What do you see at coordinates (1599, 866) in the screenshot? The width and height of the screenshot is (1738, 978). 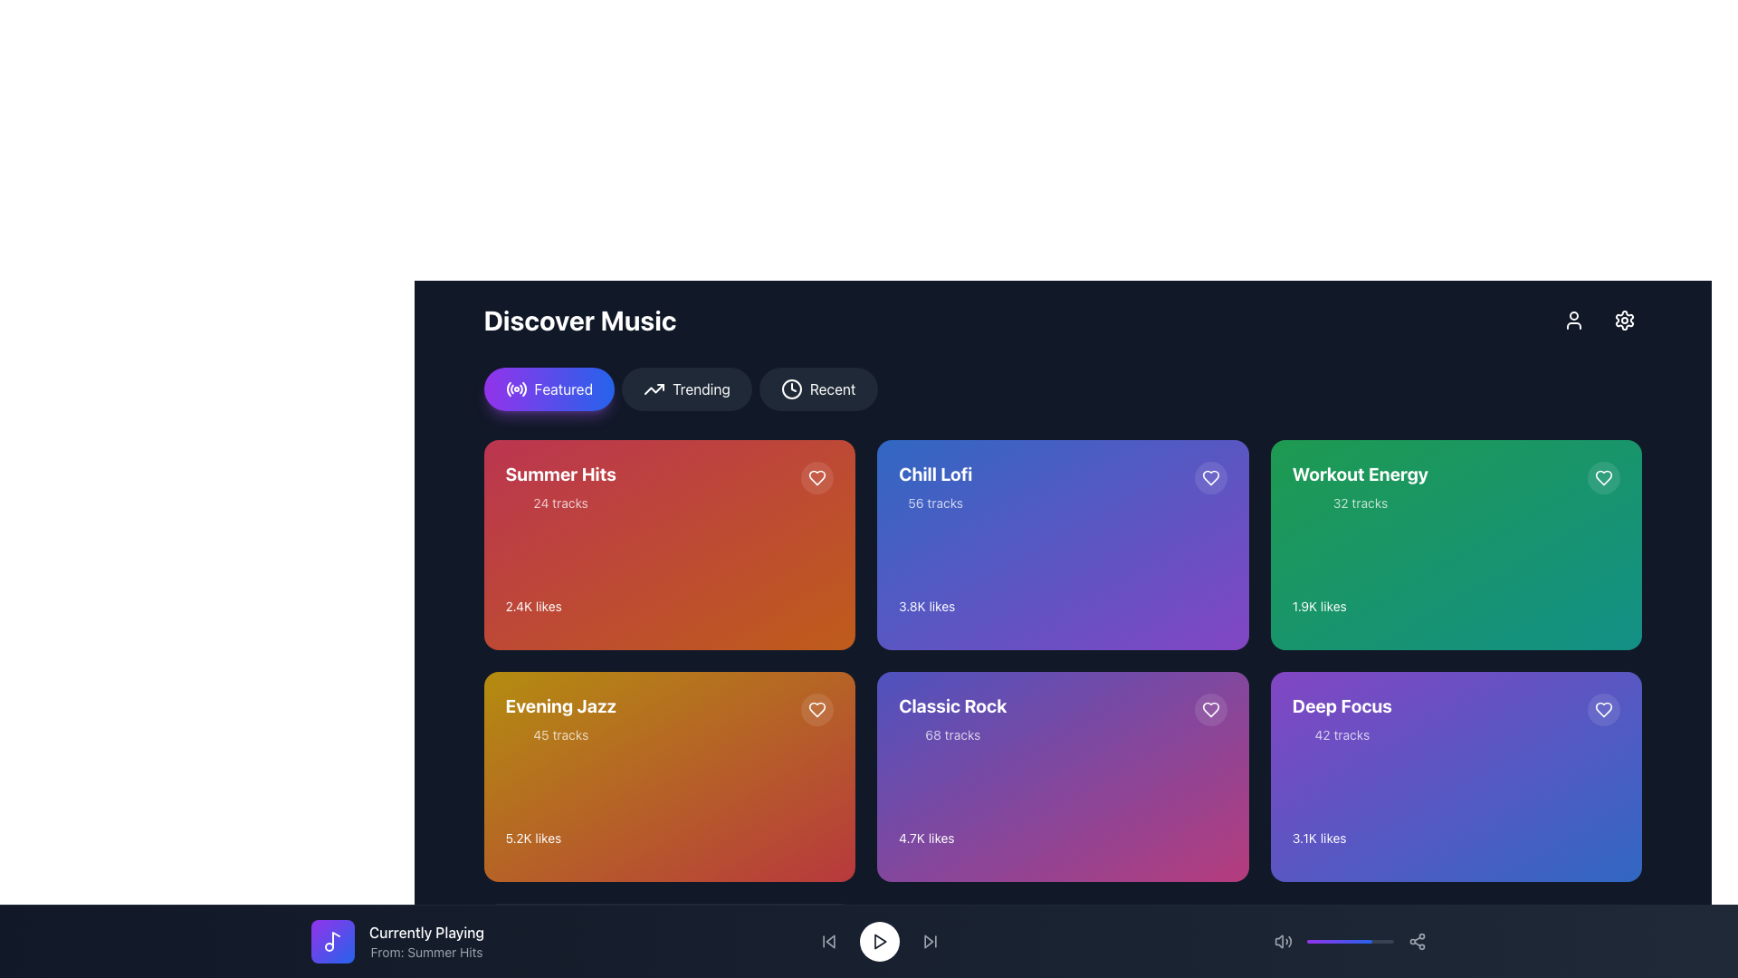 I see `the circular play button with a white background located in the bottom-right corner of the 'Deep Focus' card in the 'Discover Music' grid layout to observe visual effects` at bounding box center [1599, 866].